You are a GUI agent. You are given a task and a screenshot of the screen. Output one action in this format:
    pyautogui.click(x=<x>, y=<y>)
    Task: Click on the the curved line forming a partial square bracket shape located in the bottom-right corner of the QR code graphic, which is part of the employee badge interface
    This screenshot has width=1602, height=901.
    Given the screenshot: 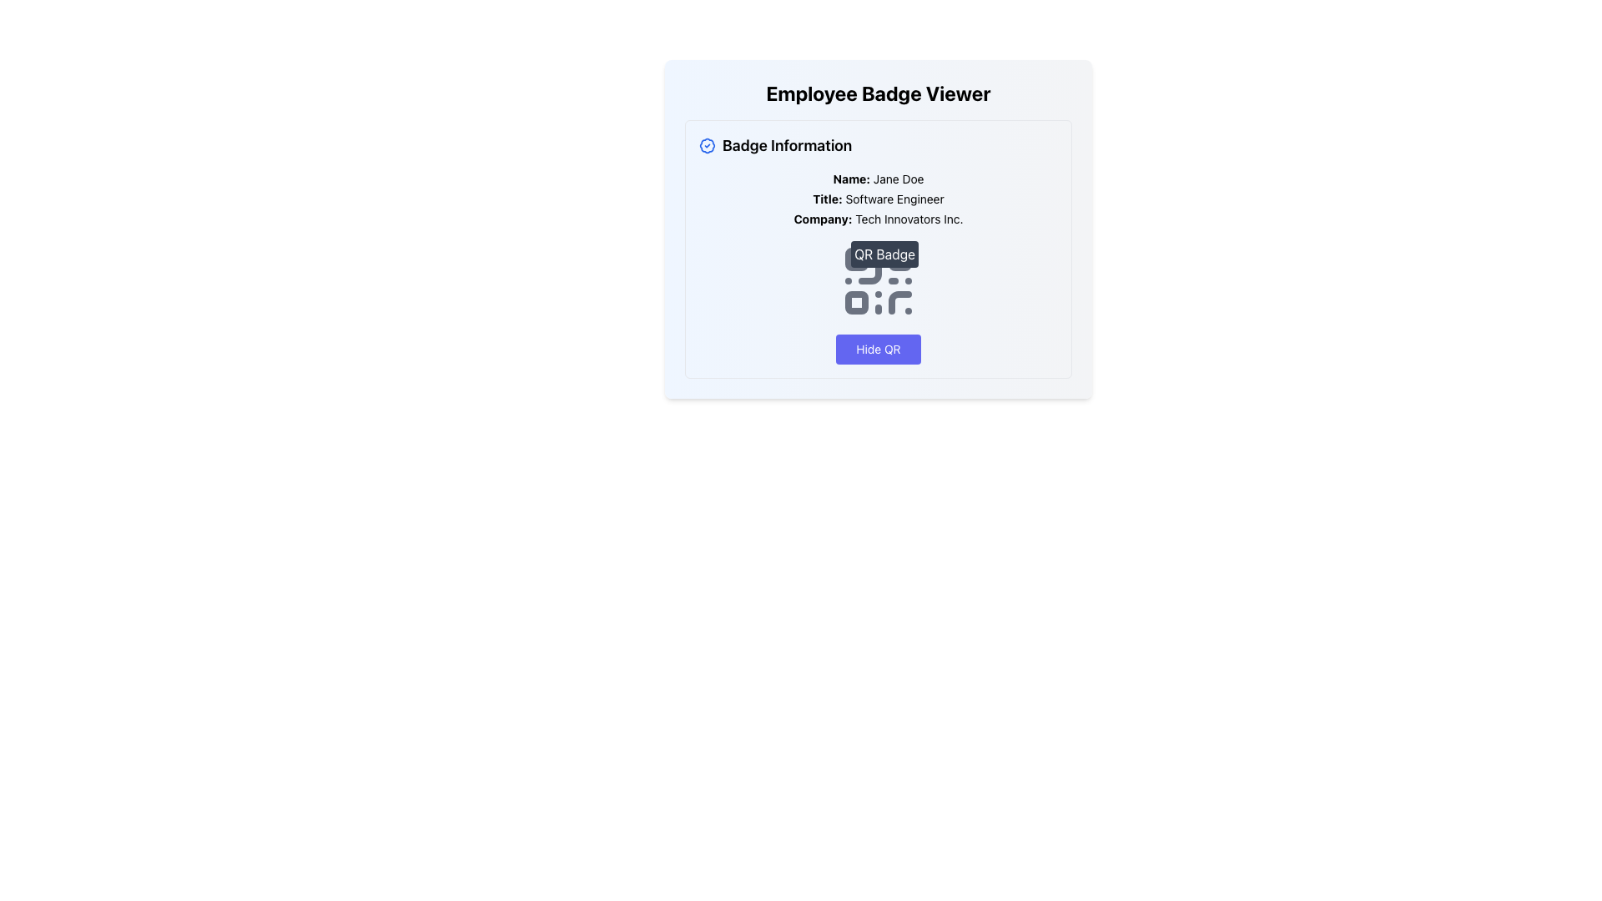 What is the action you would take?
    pyautogui.click(x=899, y=302)
    